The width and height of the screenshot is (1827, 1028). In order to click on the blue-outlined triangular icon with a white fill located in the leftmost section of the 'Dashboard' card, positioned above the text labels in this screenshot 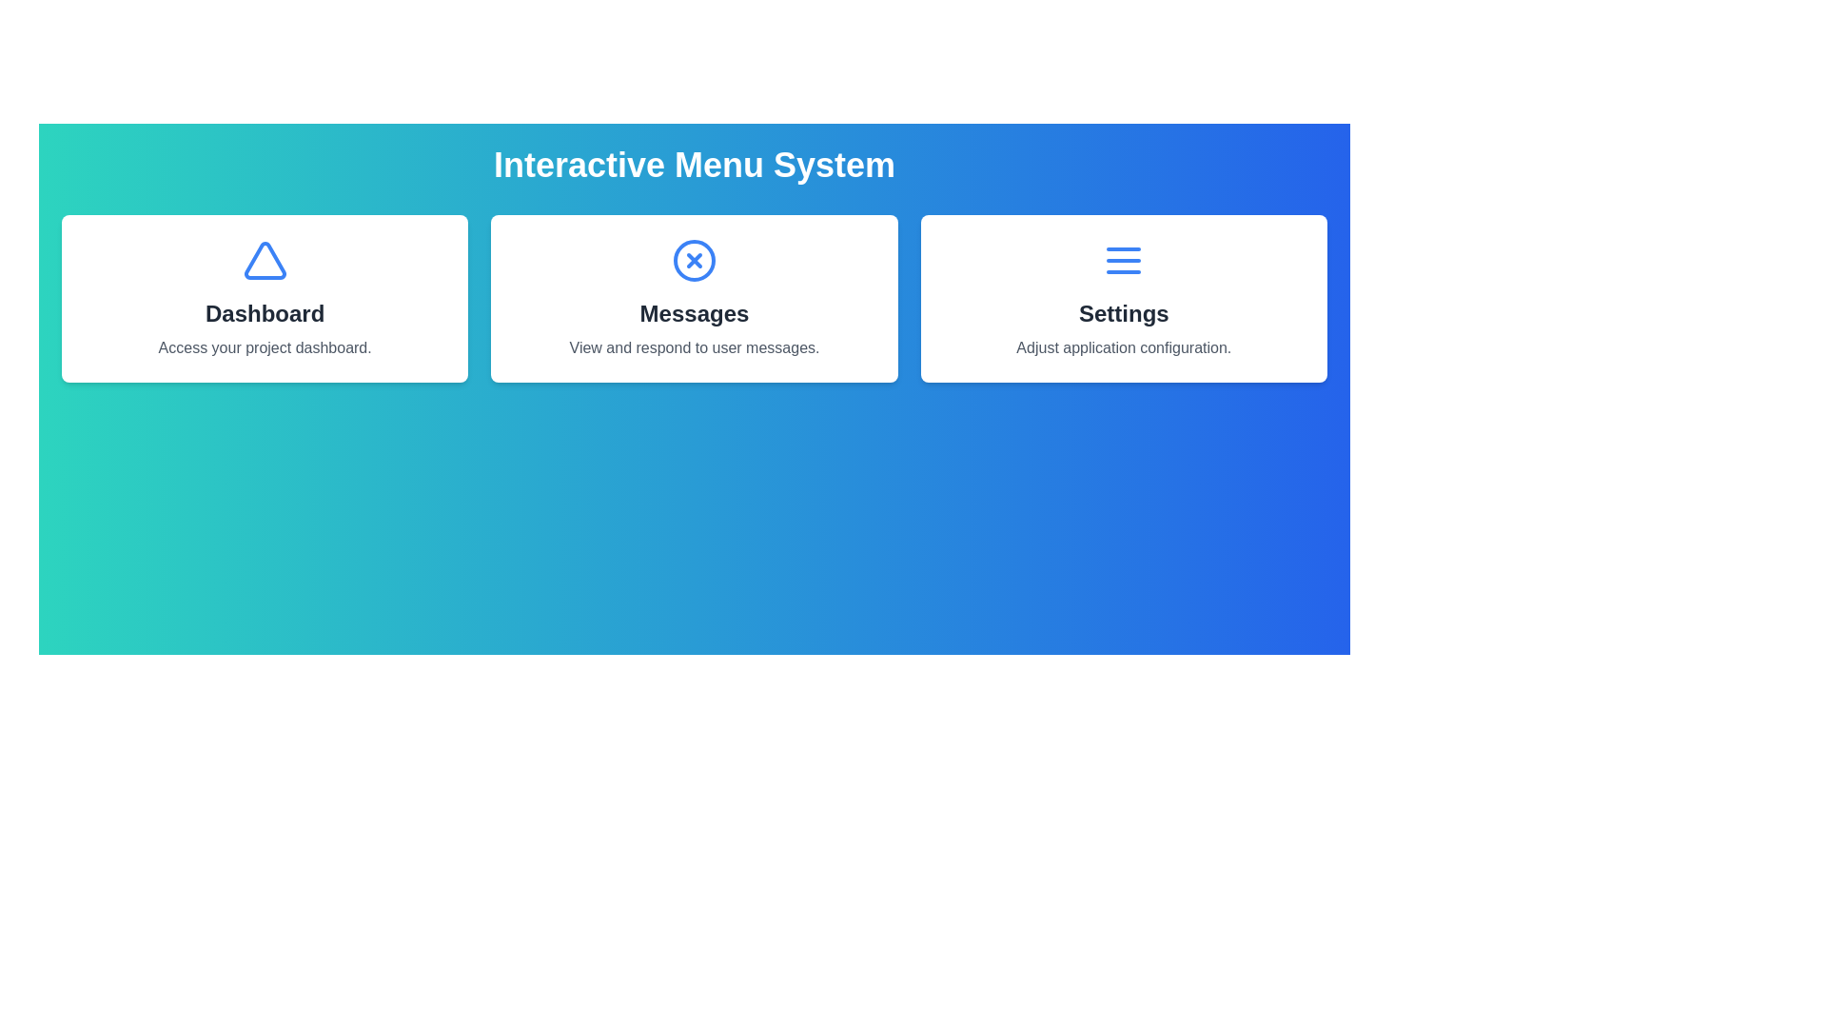, I will do `click(264, 260)`.